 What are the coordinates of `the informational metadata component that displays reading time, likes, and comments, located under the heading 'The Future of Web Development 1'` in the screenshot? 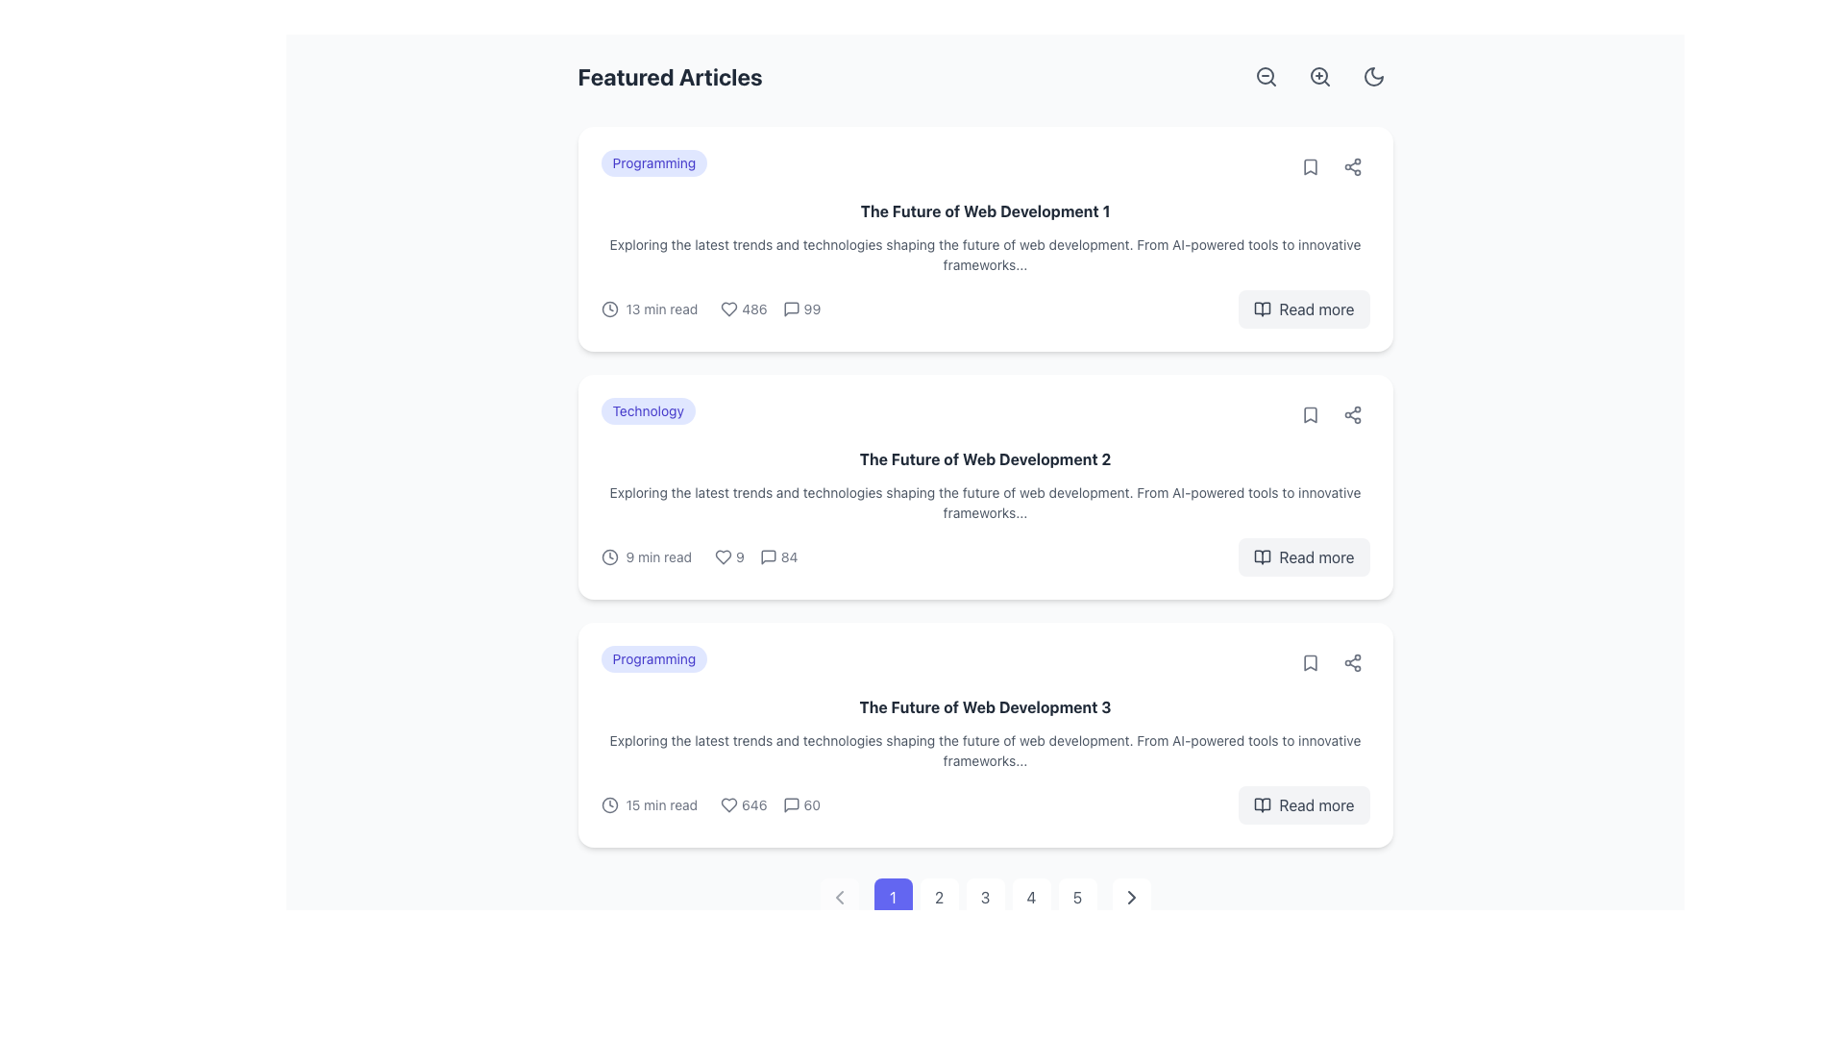 It's located at (709, 308).